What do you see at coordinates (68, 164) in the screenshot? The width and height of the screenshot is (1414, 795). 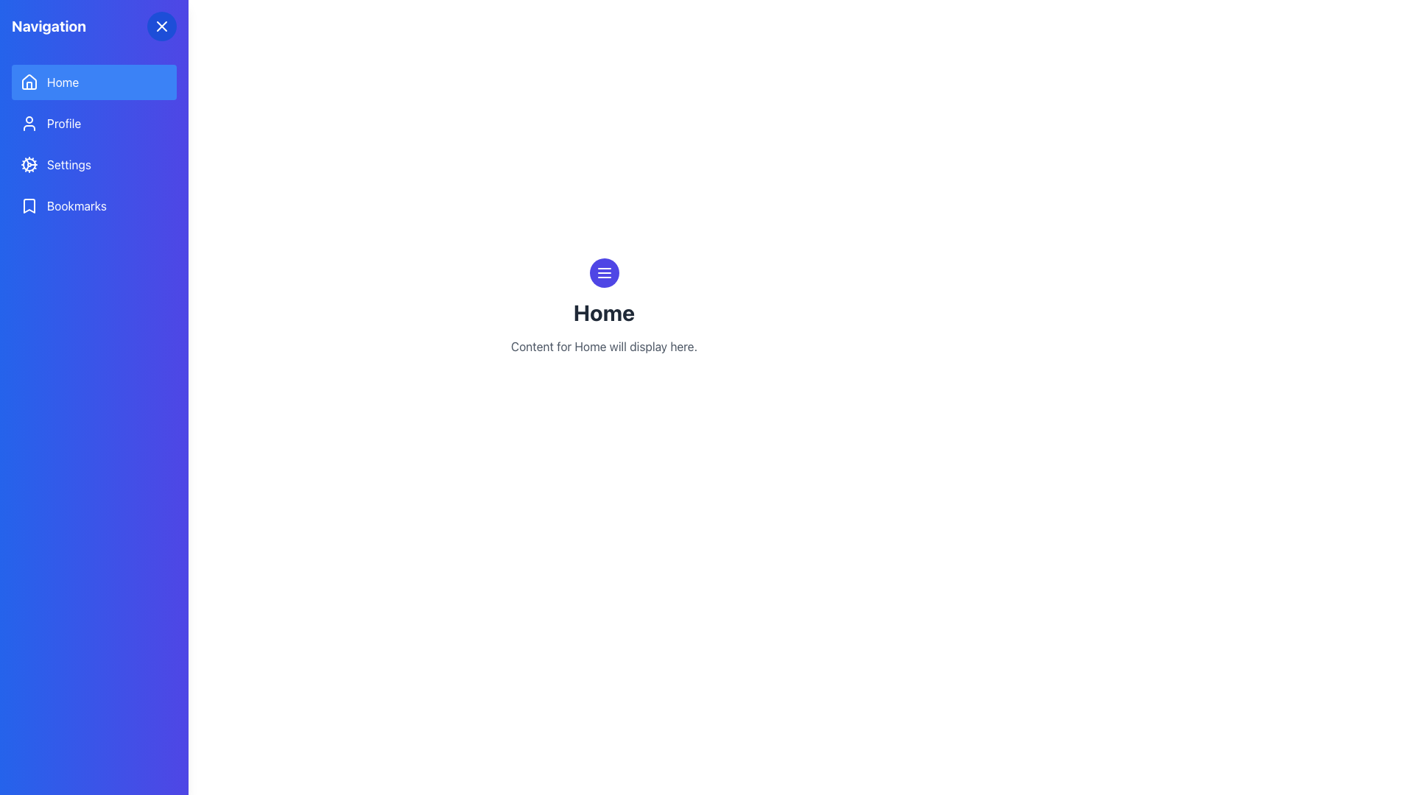 I see `the text label for the Settings section, which is the third item in the vertical navigation sidebar, positioned below 'Profile' and above 'Bookmarks'` at bounding box center [68, 164].